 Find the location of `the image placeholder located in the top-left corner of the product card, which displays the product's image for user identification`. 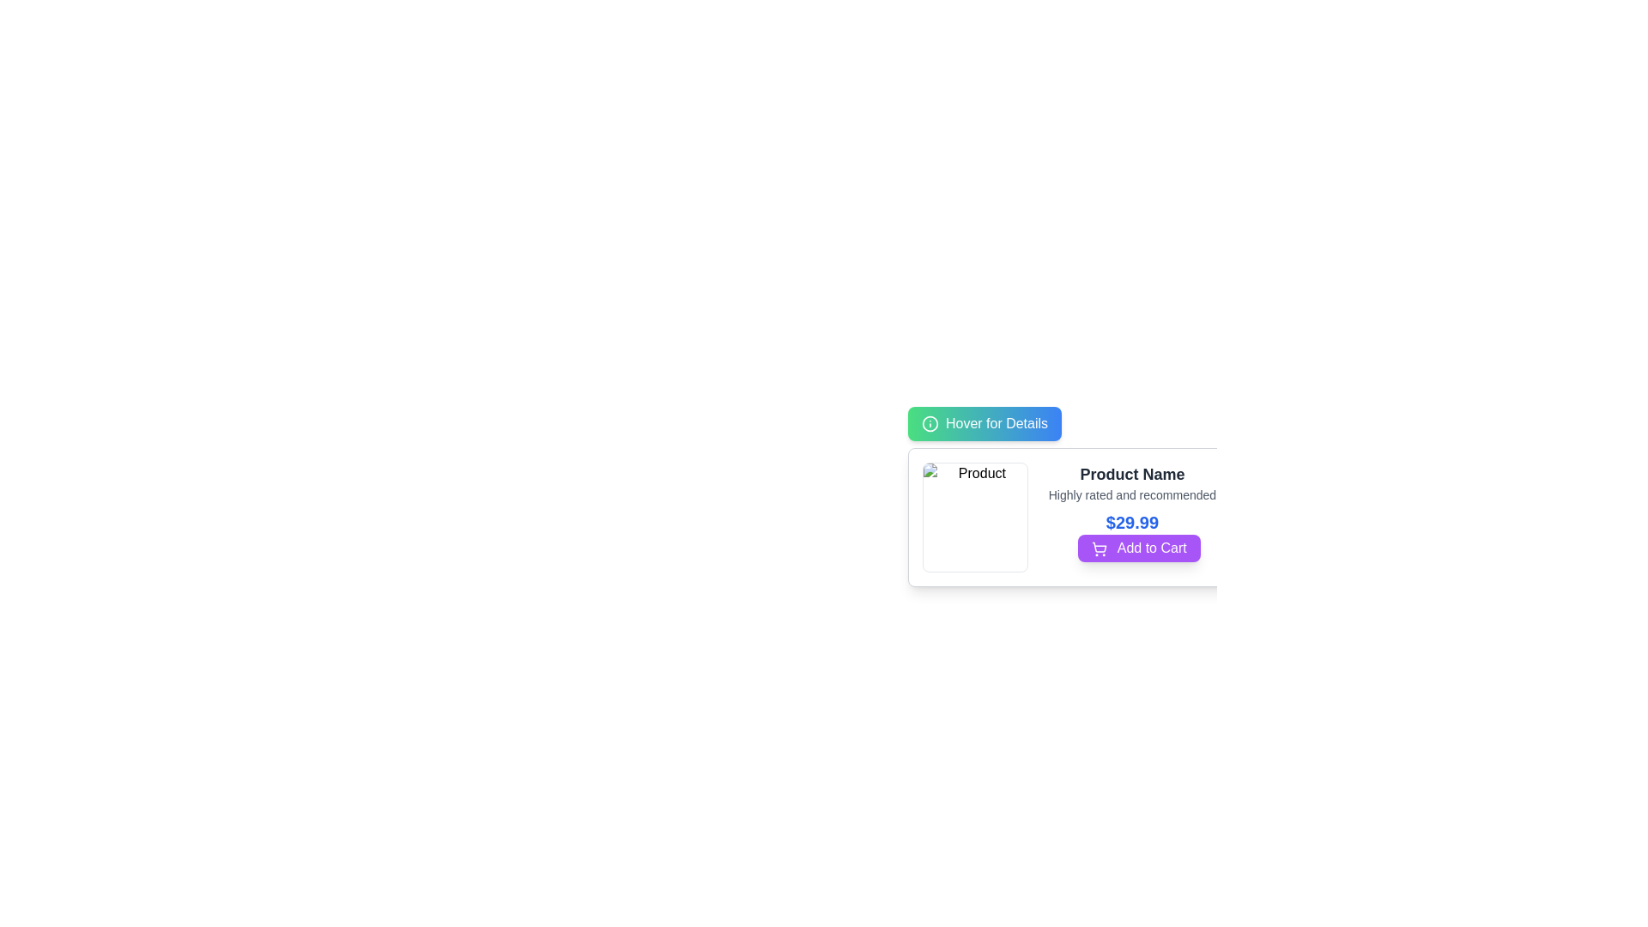

the image placeholder located in the top-left corner of the product card, which displays the product's image for user identification is located at coordinates (975, 516).